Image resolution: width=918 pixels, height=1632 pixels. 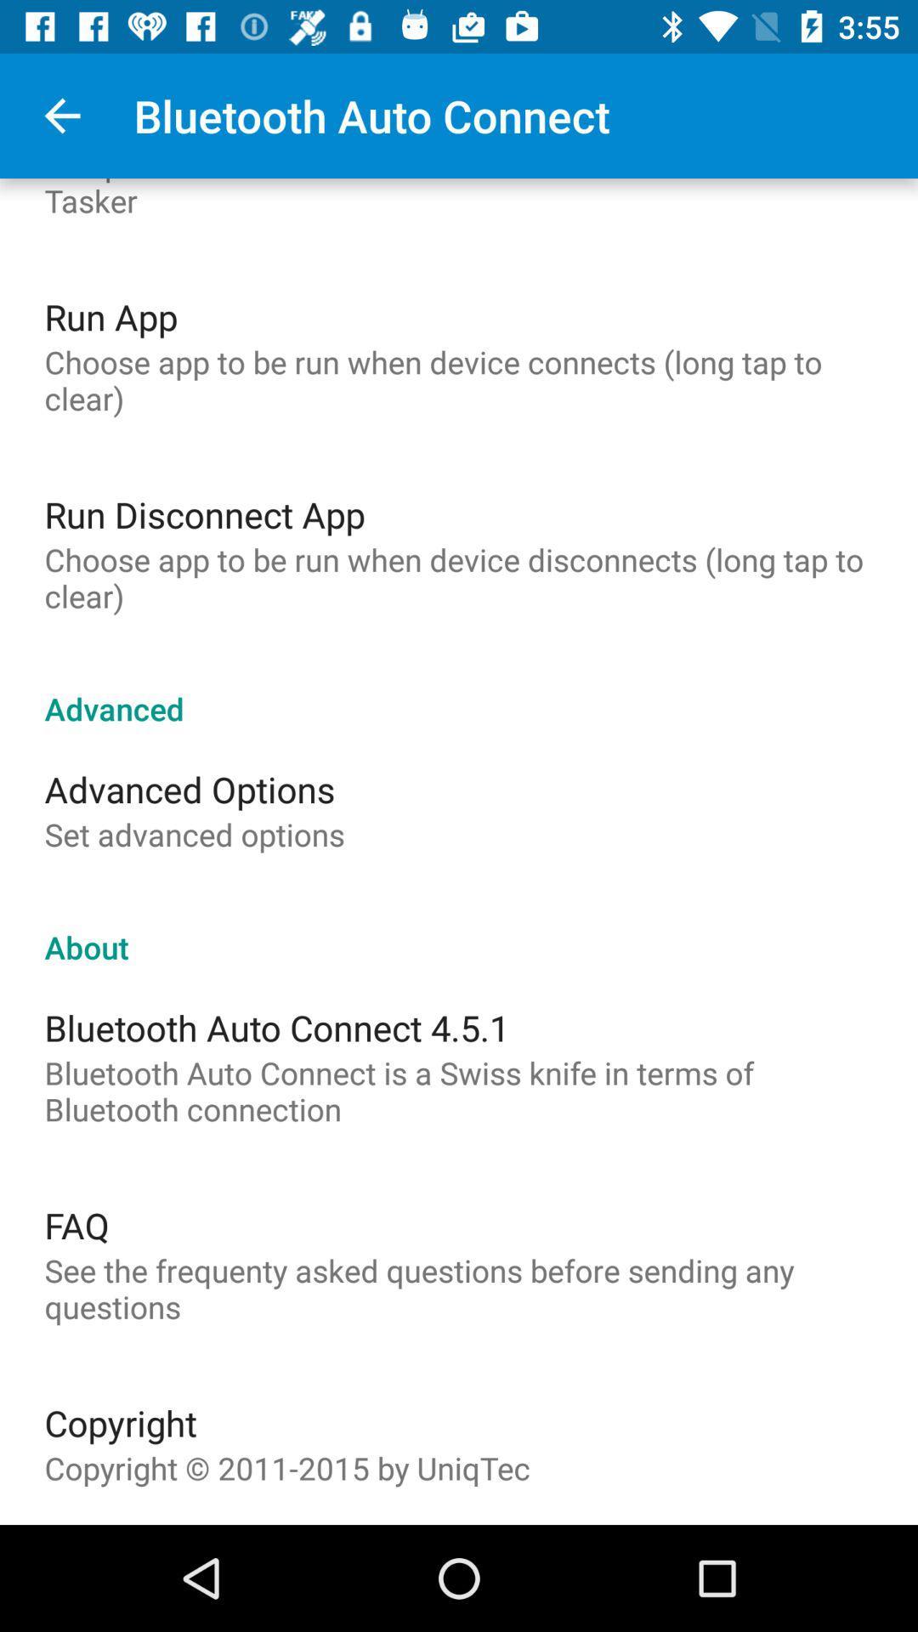 What do you see at coordinates (459, 200) in the screenshot?
I see `item above the run app item` at bounding box center [459, 200].